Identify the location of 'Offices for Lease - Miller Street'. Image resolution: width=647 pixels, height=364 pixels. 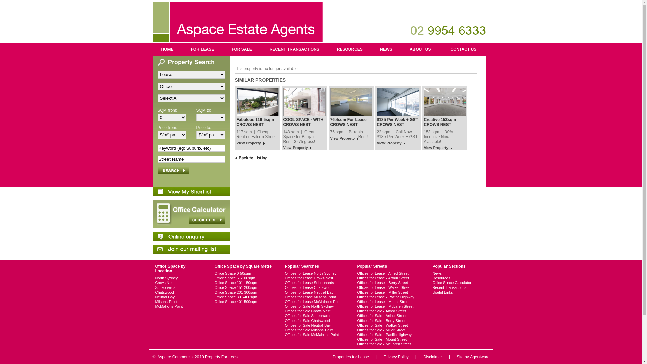
(389, 292).